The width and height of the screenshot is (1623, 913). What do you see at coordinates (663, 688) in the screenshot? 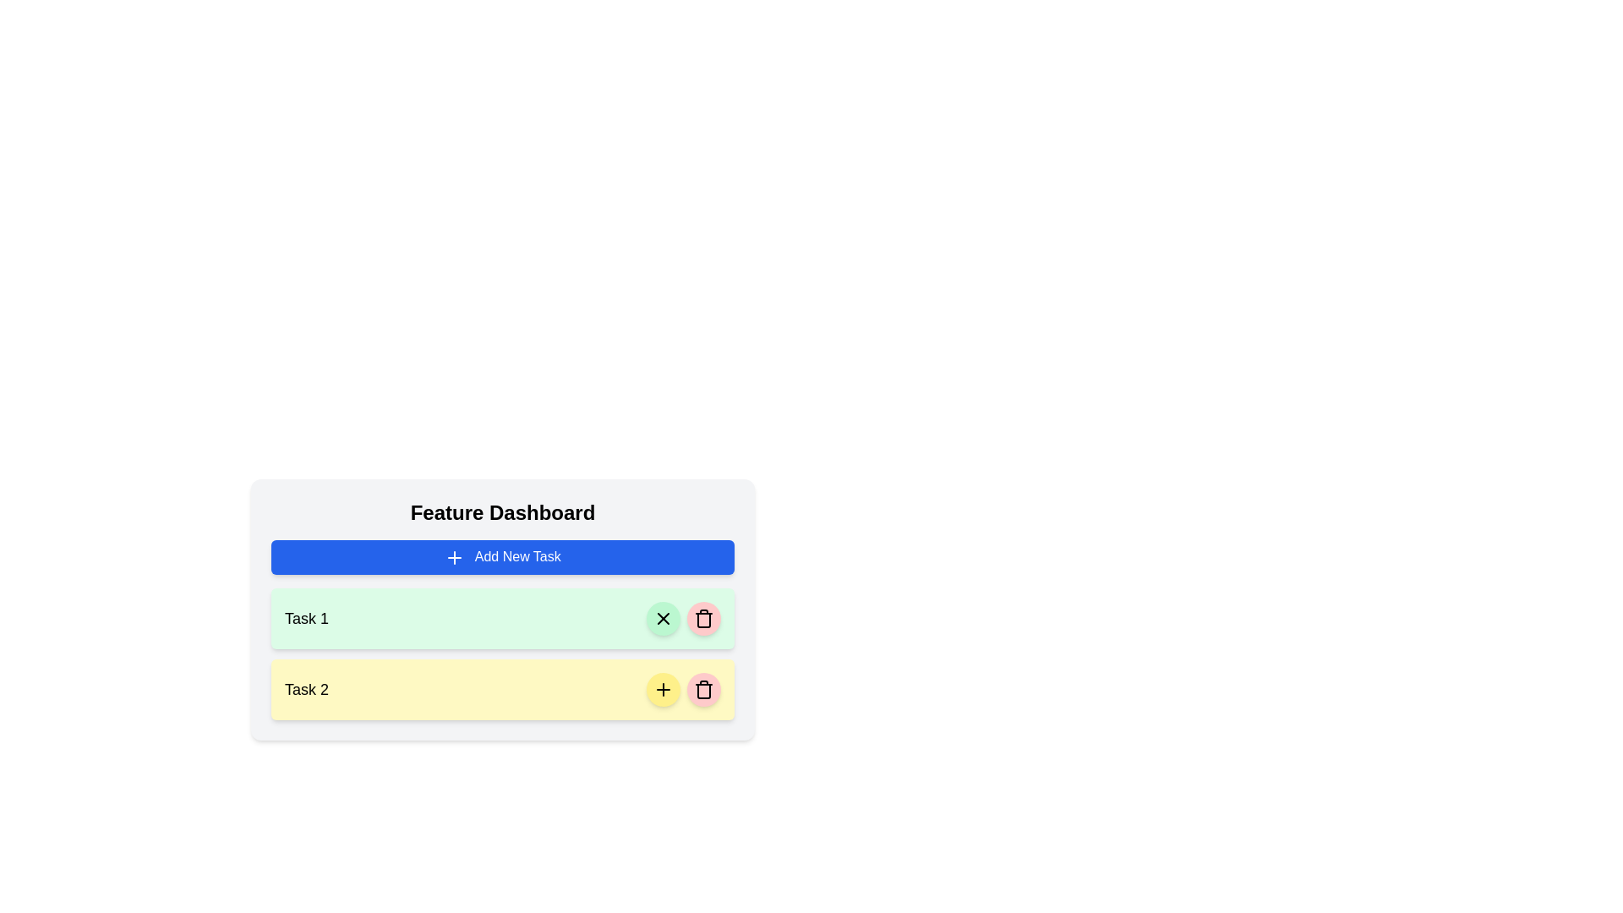
I see `the action trigger button located on the right side of the yellow background task row labeled 'Task 2'` at bounding box center [663, 688].